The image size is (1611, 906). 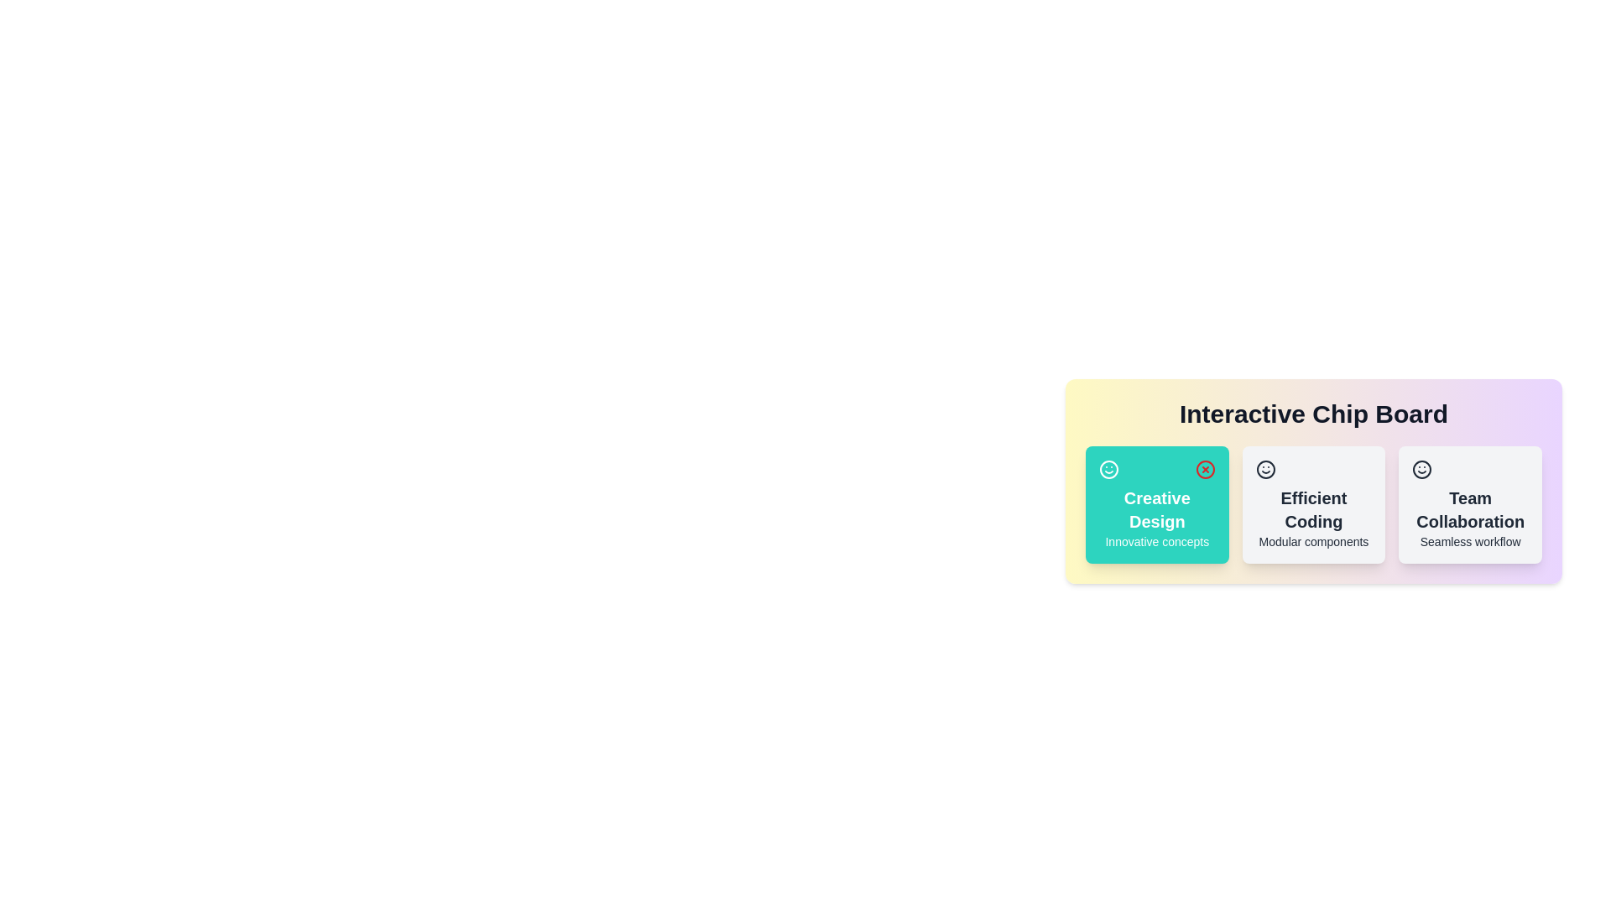 What do you see at coordinates (1312, 503) in the screenshot?
I see `the chip labeled 'Efficient Coding' by clicking on it` at bounding box center [1312, 503].